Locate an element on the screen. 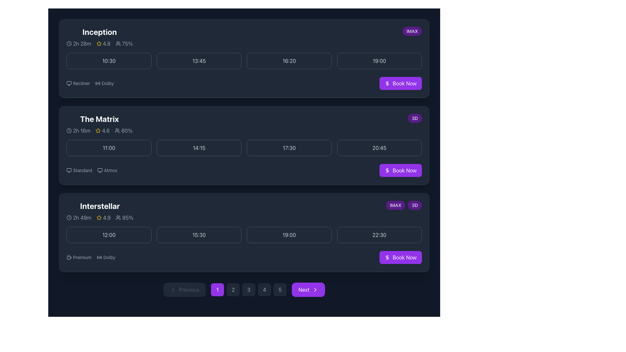 This screenshot has width=626, height=352. the numeric button labeled '3' in the pagination controls is located at coordinates (244, 289).